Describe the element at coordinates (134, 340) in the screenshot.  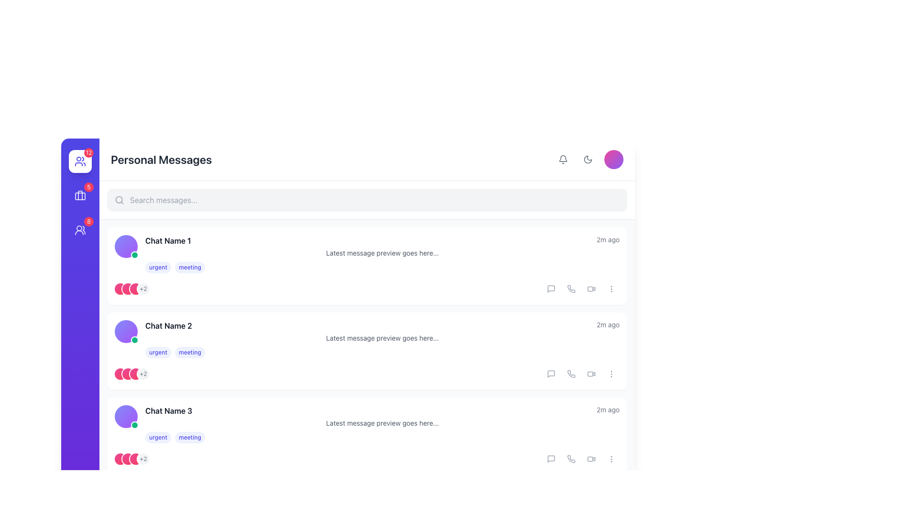
I see `the online status indicator badge located at the bottom-right corner of the circular profile icon in the second item of the chat list for additional context` at that location.